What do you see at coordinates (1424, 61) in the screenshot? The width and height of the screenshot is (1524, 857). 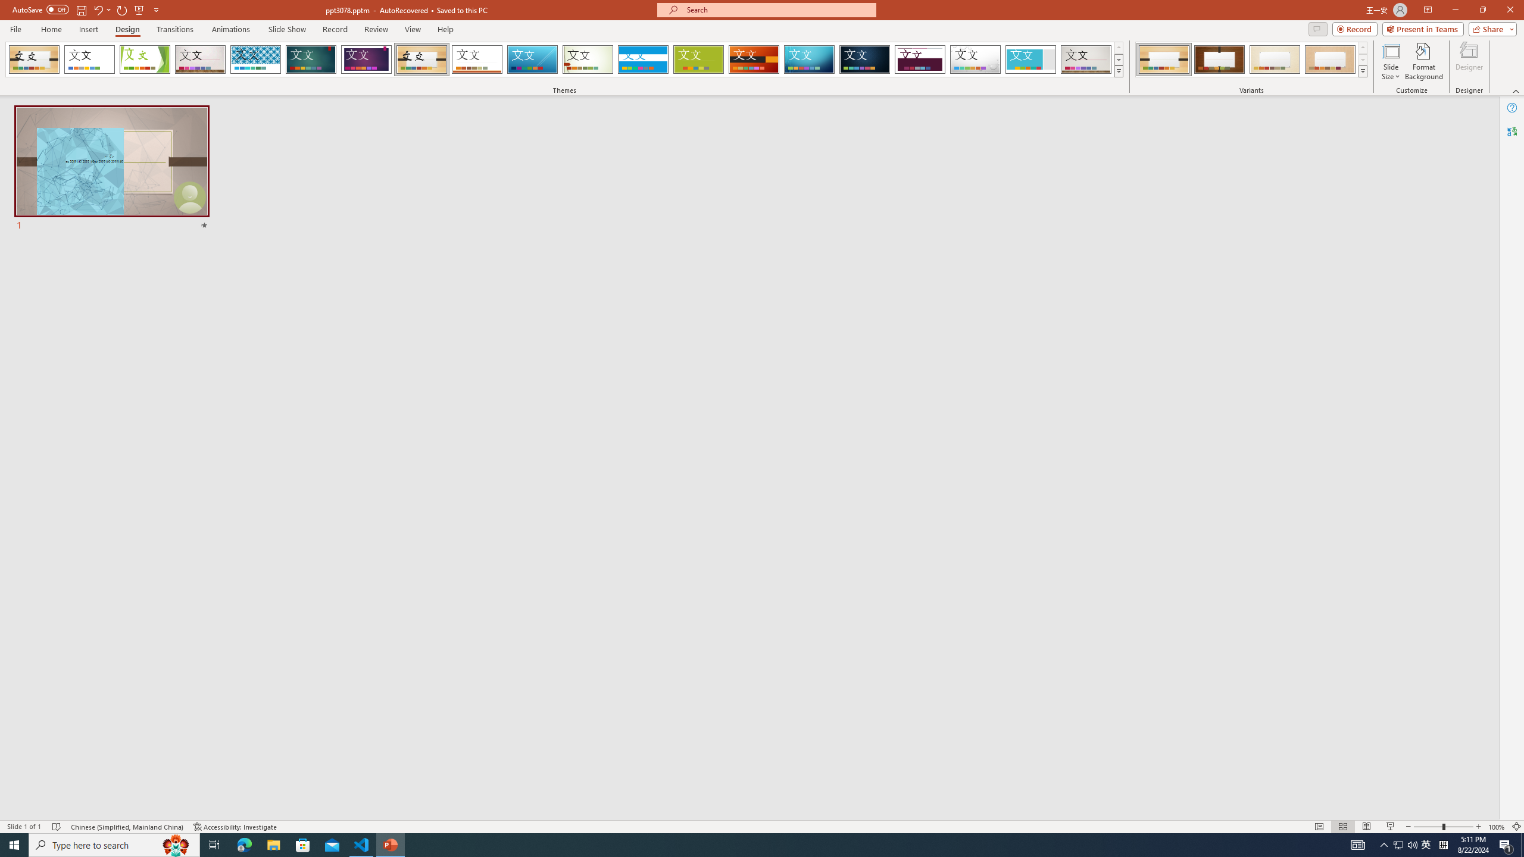 I see `'Format Background'` at bounding box center [1424, 61].